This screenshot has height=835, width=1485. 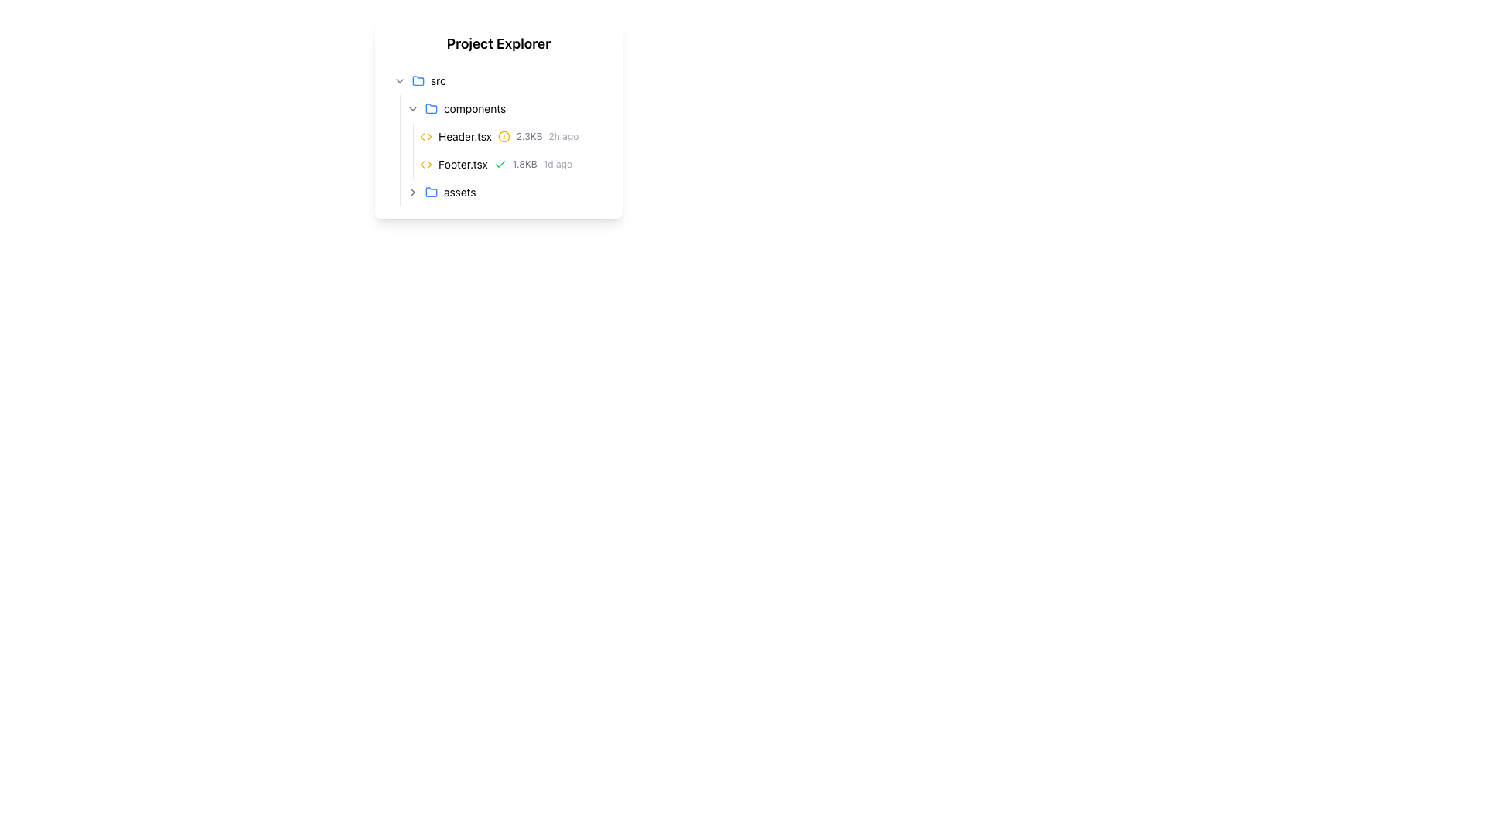 I want to click on the 'assets' folder item, so click(x=505, y=192).